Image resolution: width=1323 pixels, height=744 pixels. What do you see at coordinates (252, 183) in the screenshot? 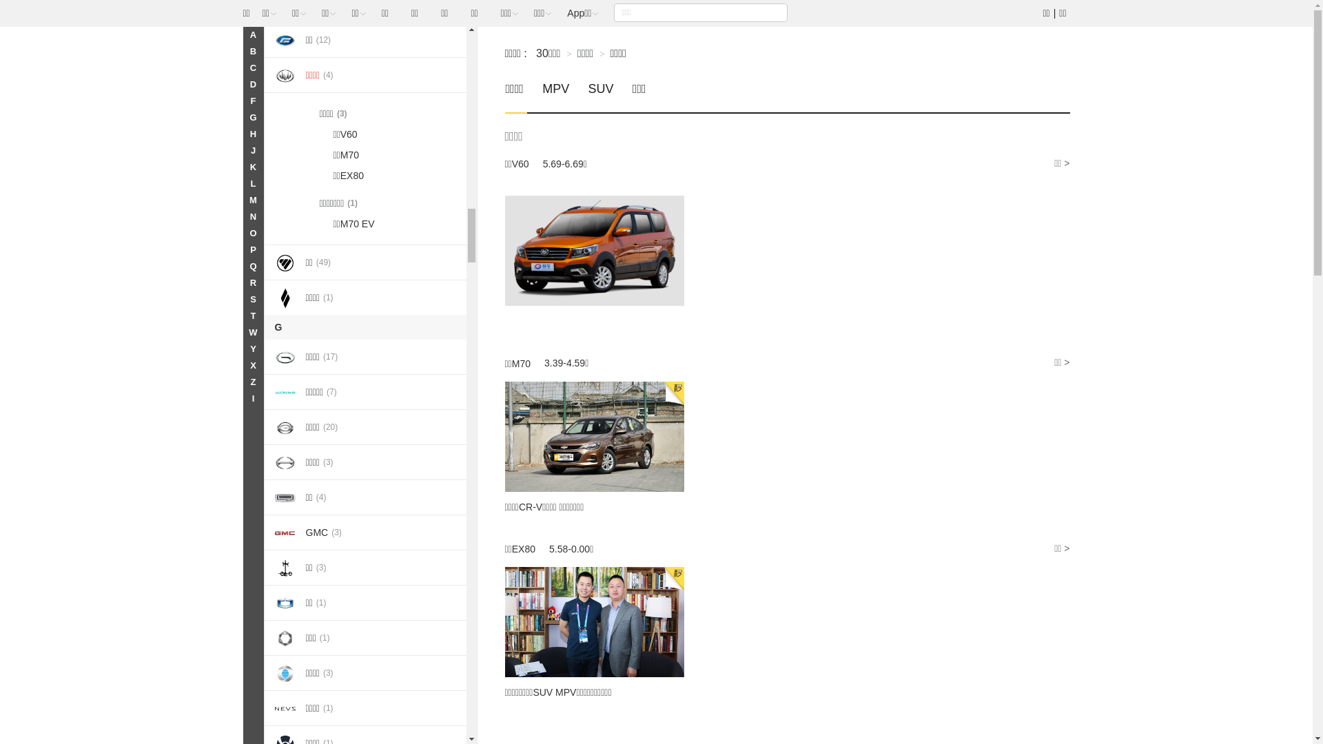
I see `'L'` at bounding box center [252, 183].